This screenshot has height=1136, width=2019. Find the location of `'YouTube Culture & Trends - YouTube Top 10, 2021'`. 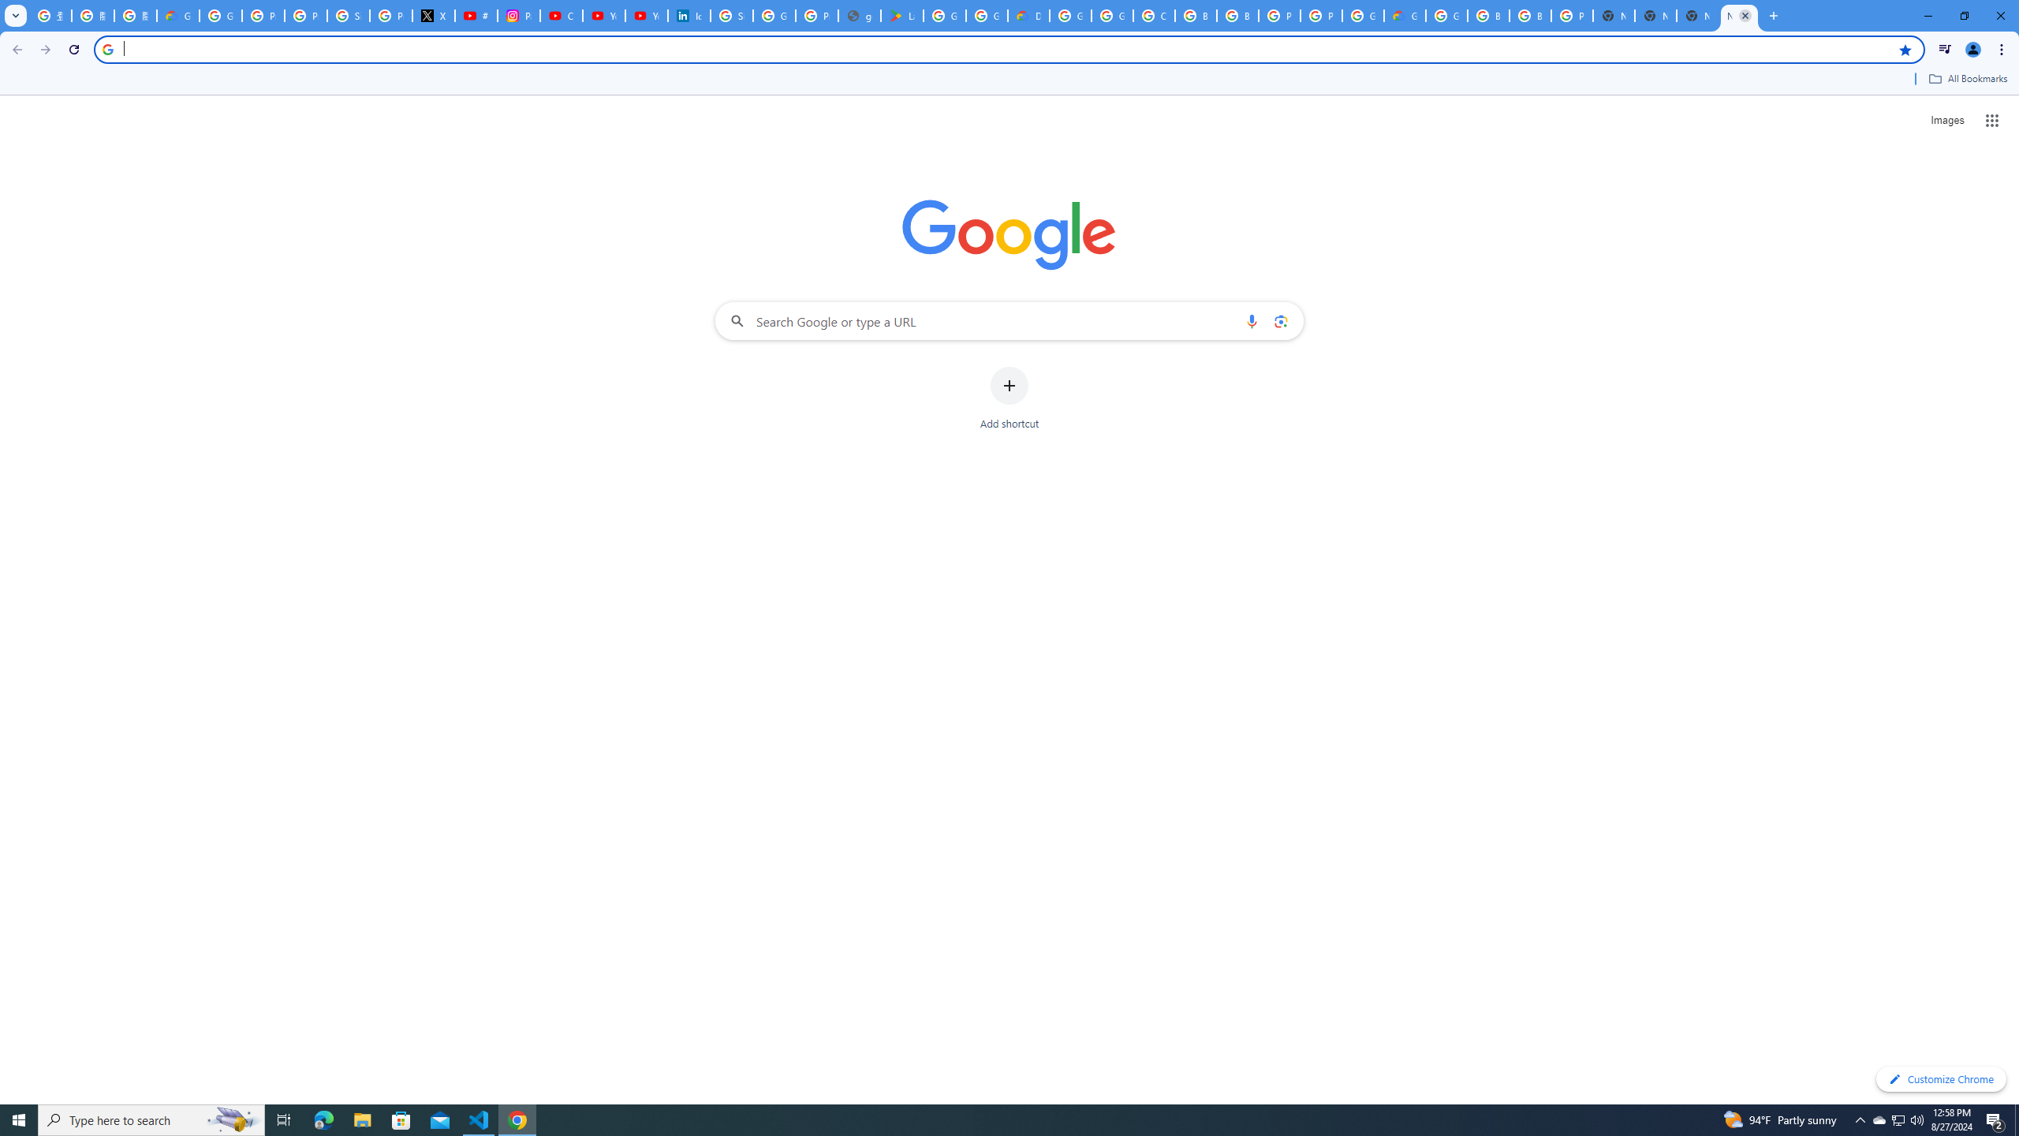

'YouTube Culture & Trends - YouTube Top 10, 2021' is located at coordinates (646, 15).